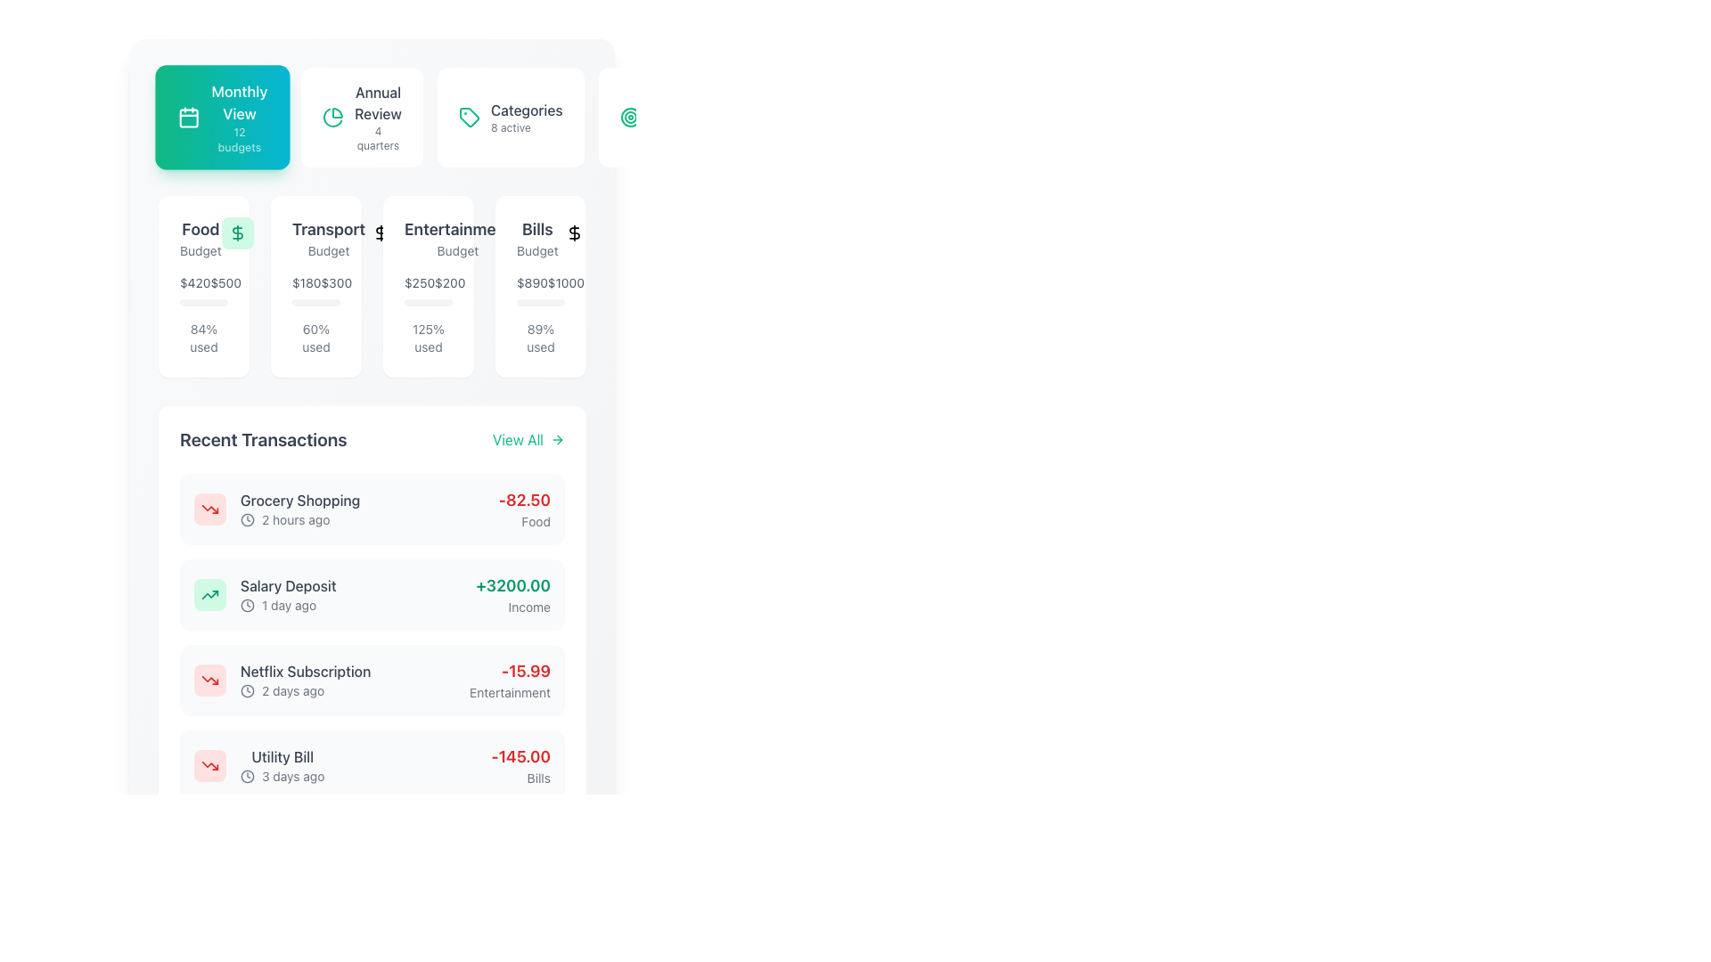 The height and width of the screenshot is (962, 1711). What do you see at coordinates (381, 232) in the screenshot?
I see `the 'Transport' budget category icon located between the 'Food' and 'Entertainment' categories in the header section for informational purposes` at bounding box center [381, 232].